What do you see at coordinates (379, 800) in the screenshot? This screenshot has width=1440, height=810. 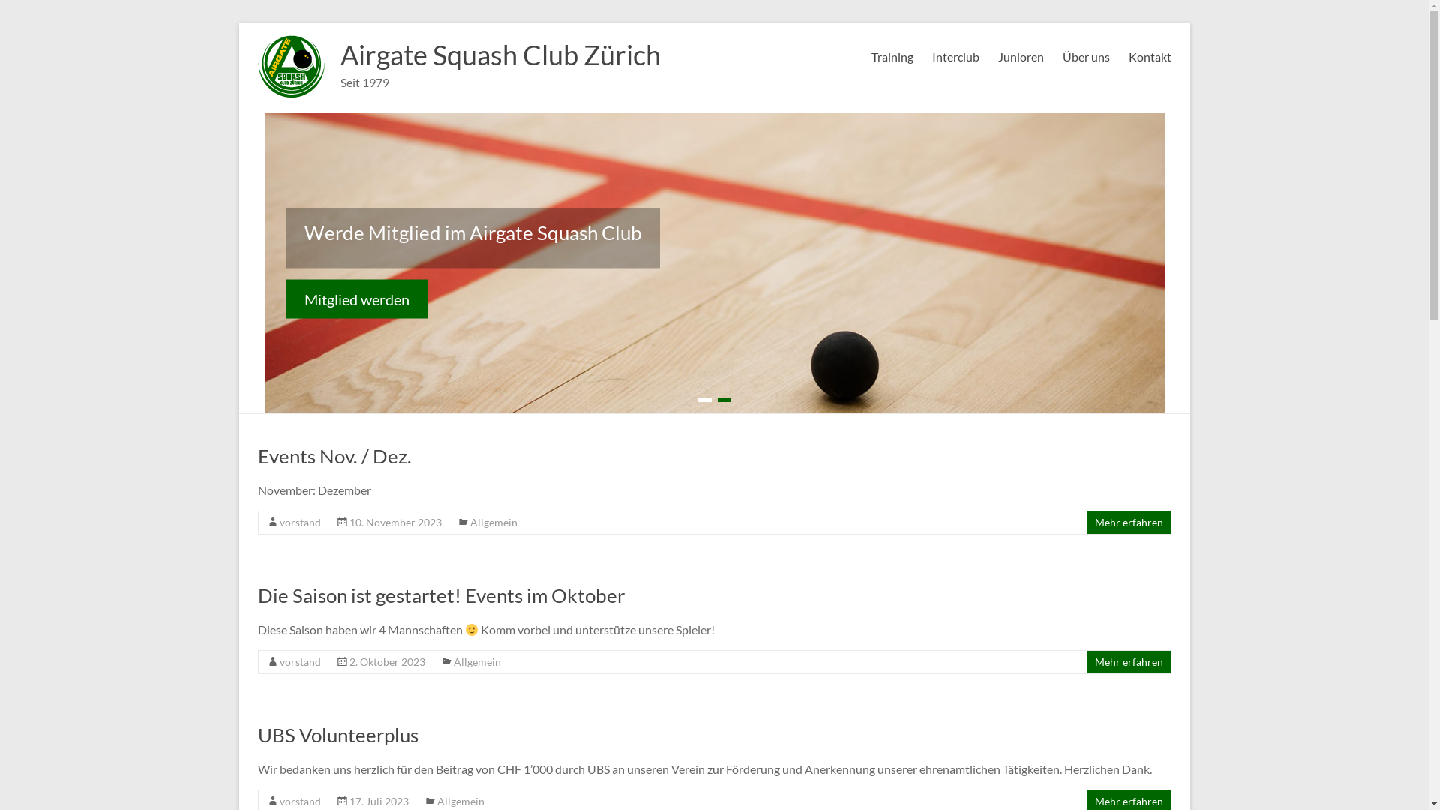 I see `'17. Juli 2023'` at bounding box center [379, 800].